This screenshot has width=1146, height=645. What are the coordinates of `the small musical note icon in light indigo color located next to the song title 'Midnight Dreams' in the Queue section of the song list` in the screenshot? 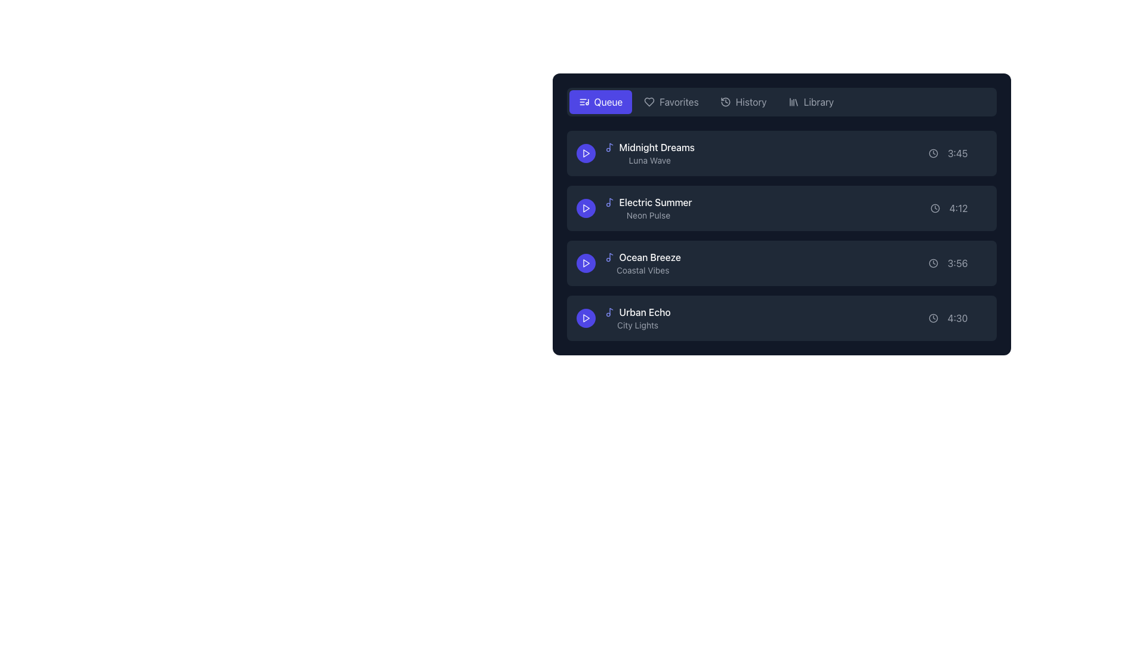 It's located at (609, 146).